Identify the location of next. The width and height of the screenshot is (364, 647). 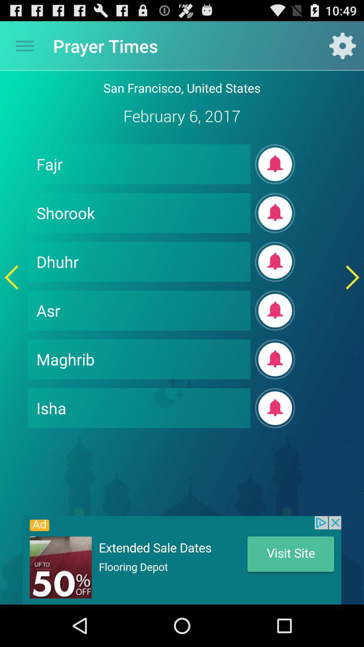
(352, 277).